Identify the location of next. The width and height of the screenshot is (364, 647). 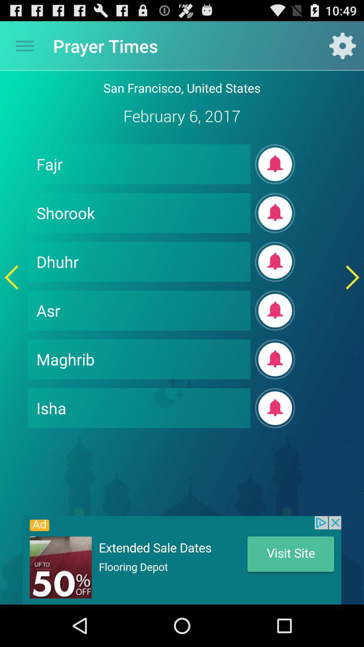
(352, 277).